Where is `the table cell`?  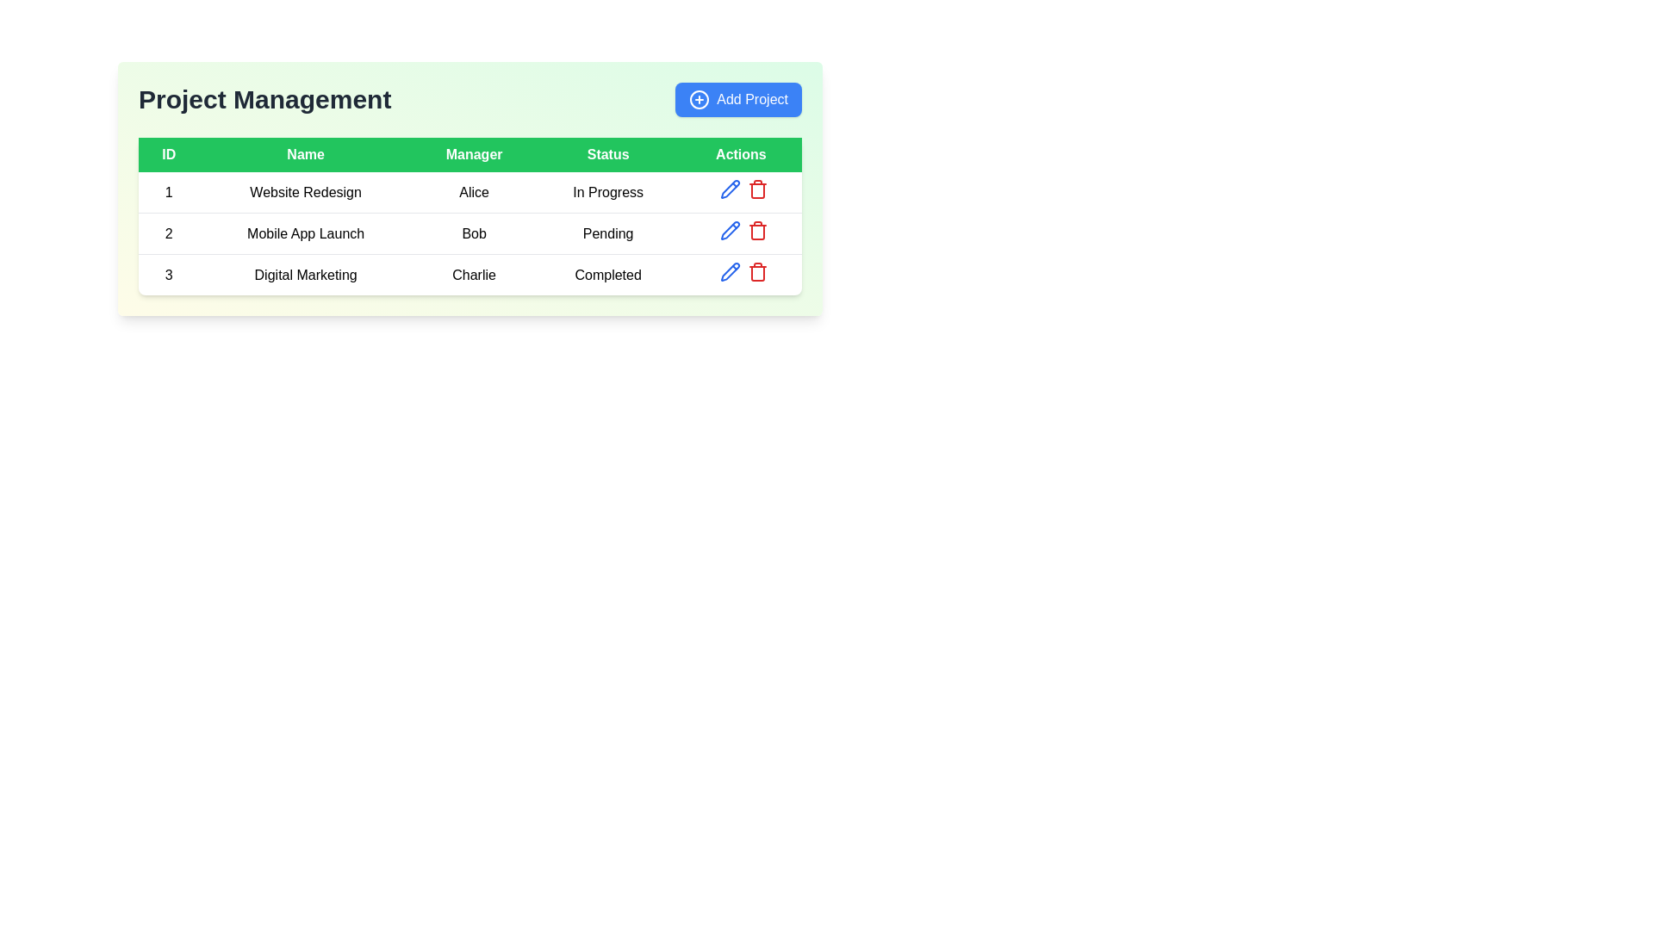 the table cell is located at coordinates (169, 233).